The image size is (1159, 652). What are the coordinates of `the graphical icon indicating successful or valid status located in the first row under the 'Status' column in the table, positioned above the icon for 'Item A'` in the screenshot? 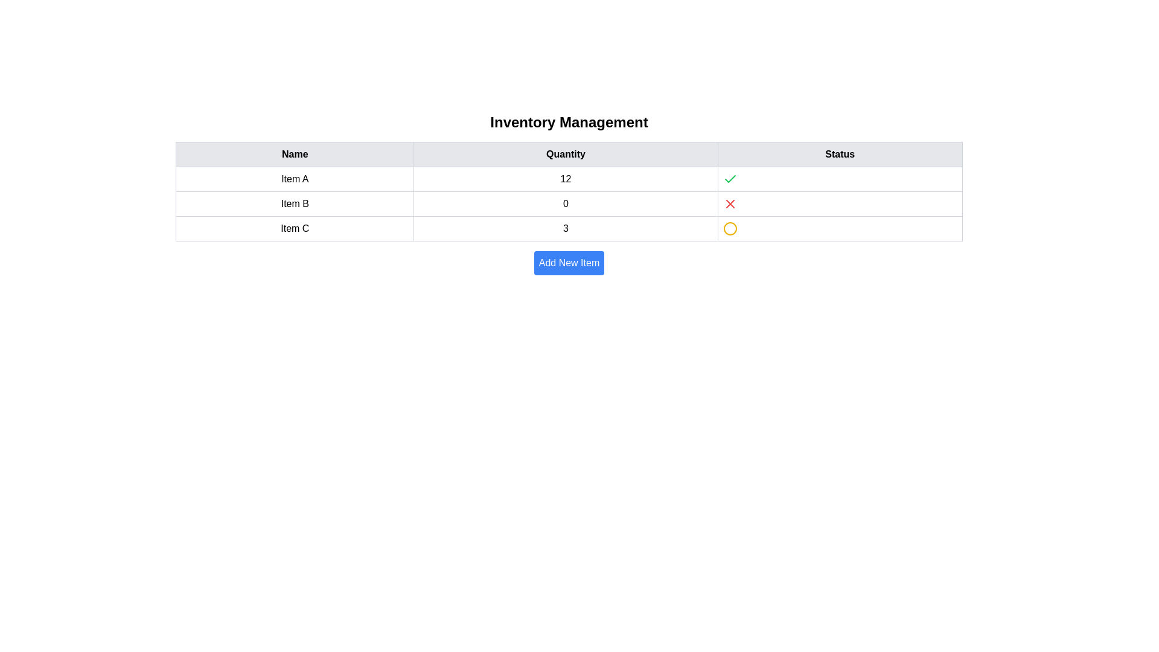 It's located at (729, 179).